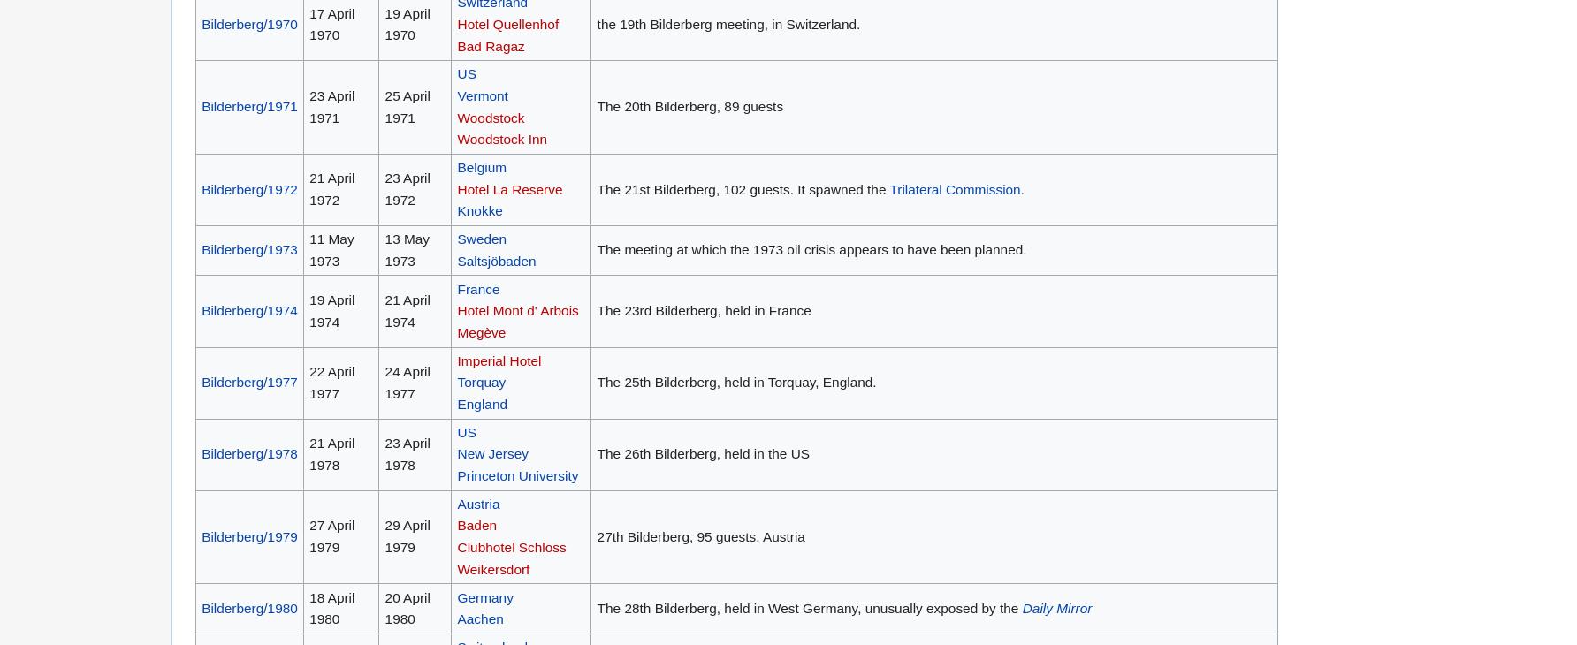  I want to click on '21 April 1978', so click(331, 452).